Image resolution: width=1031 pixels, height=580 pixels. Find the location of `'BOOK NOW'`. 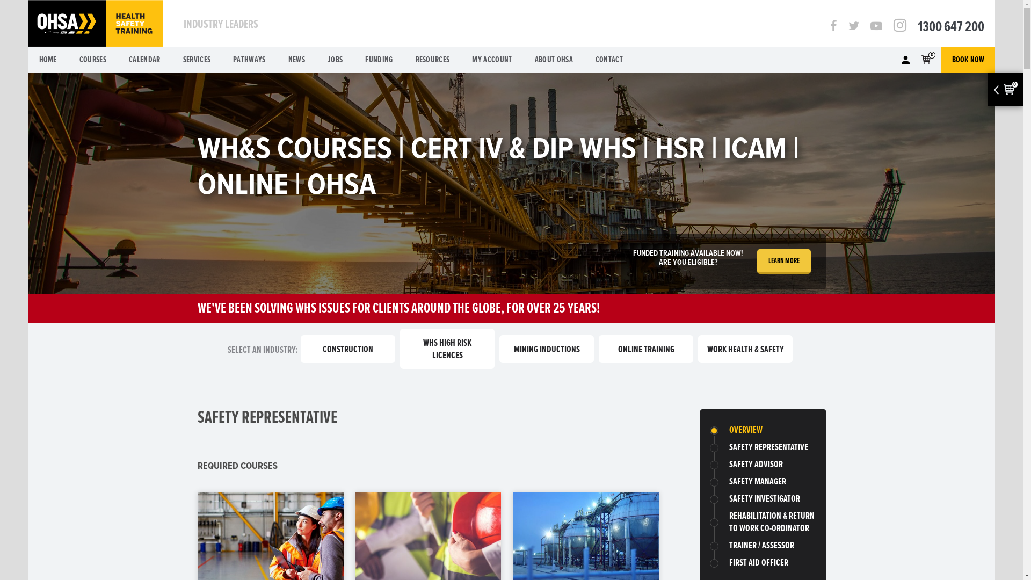

'BOOK NOW' is located at coordinates (967, 60).